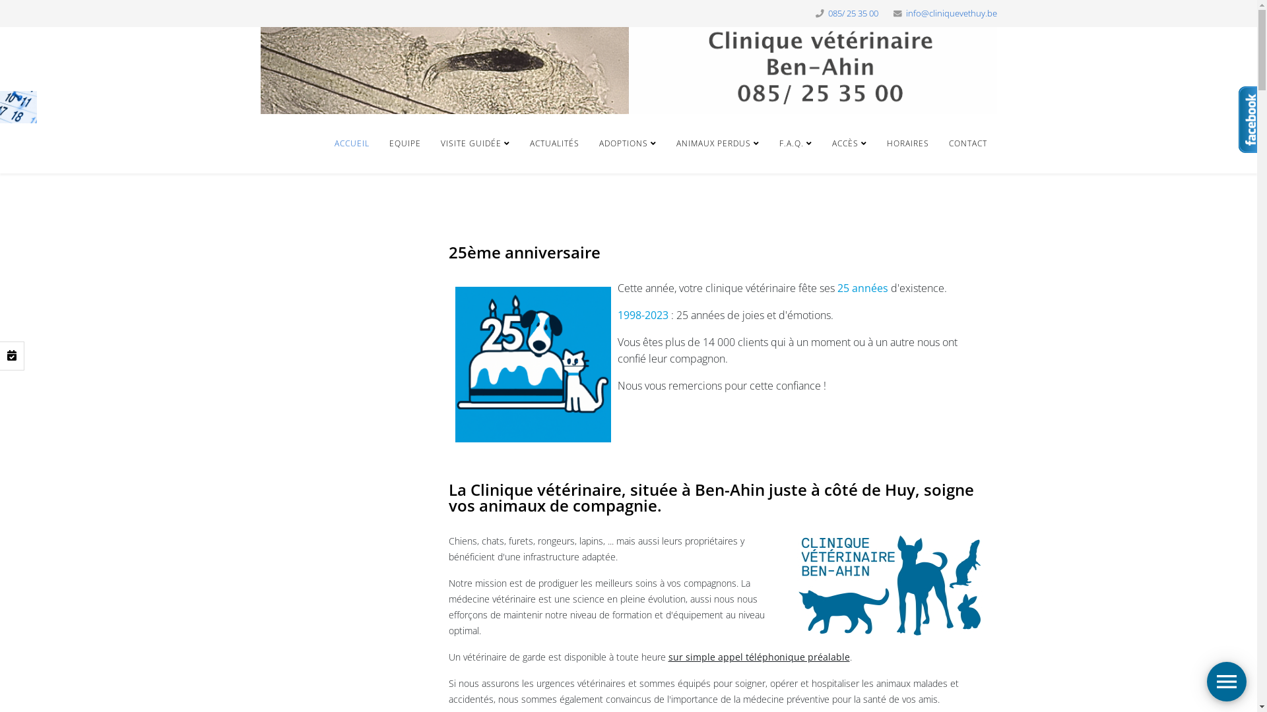 The width and height of the screenshot is (1267, 712). I want to click on 'CONTACT', so click(967, 144).